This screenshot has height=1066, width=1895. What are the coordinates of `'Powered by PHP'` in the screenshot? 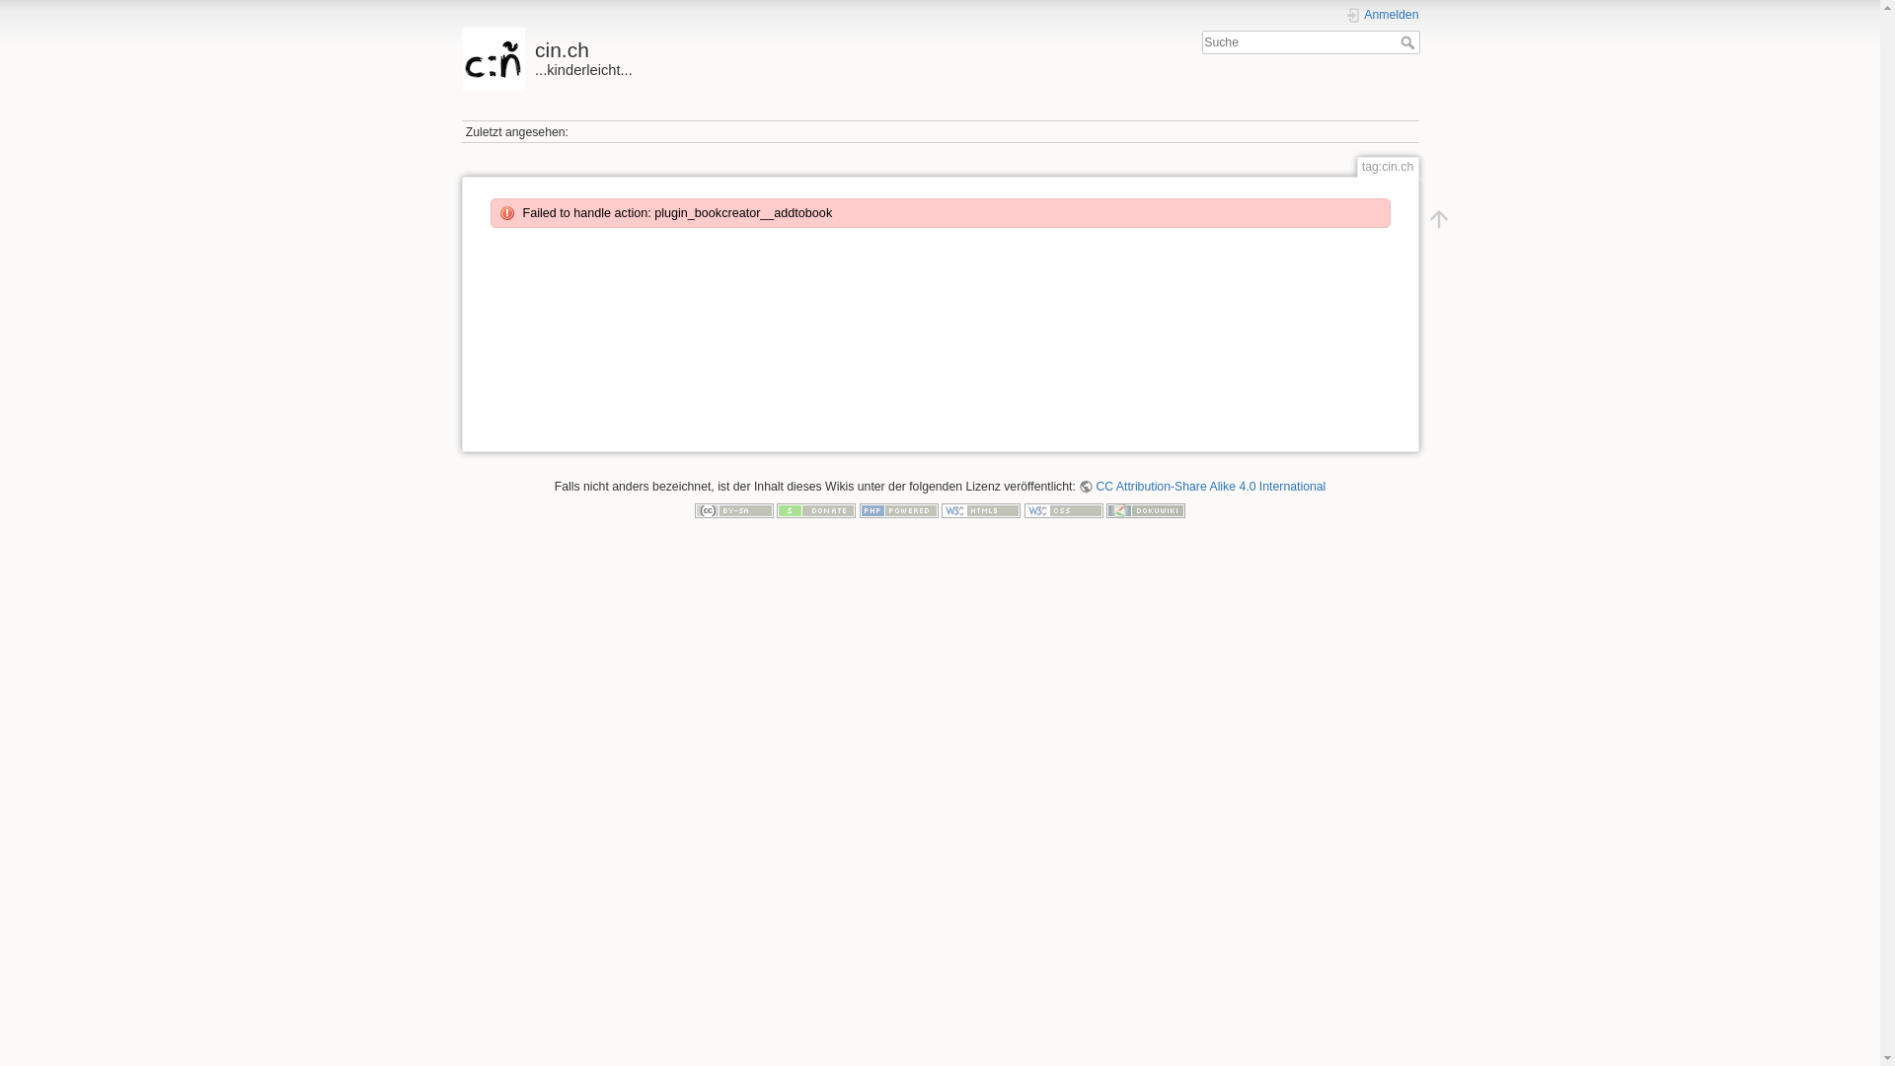 It's located at (898, 508).